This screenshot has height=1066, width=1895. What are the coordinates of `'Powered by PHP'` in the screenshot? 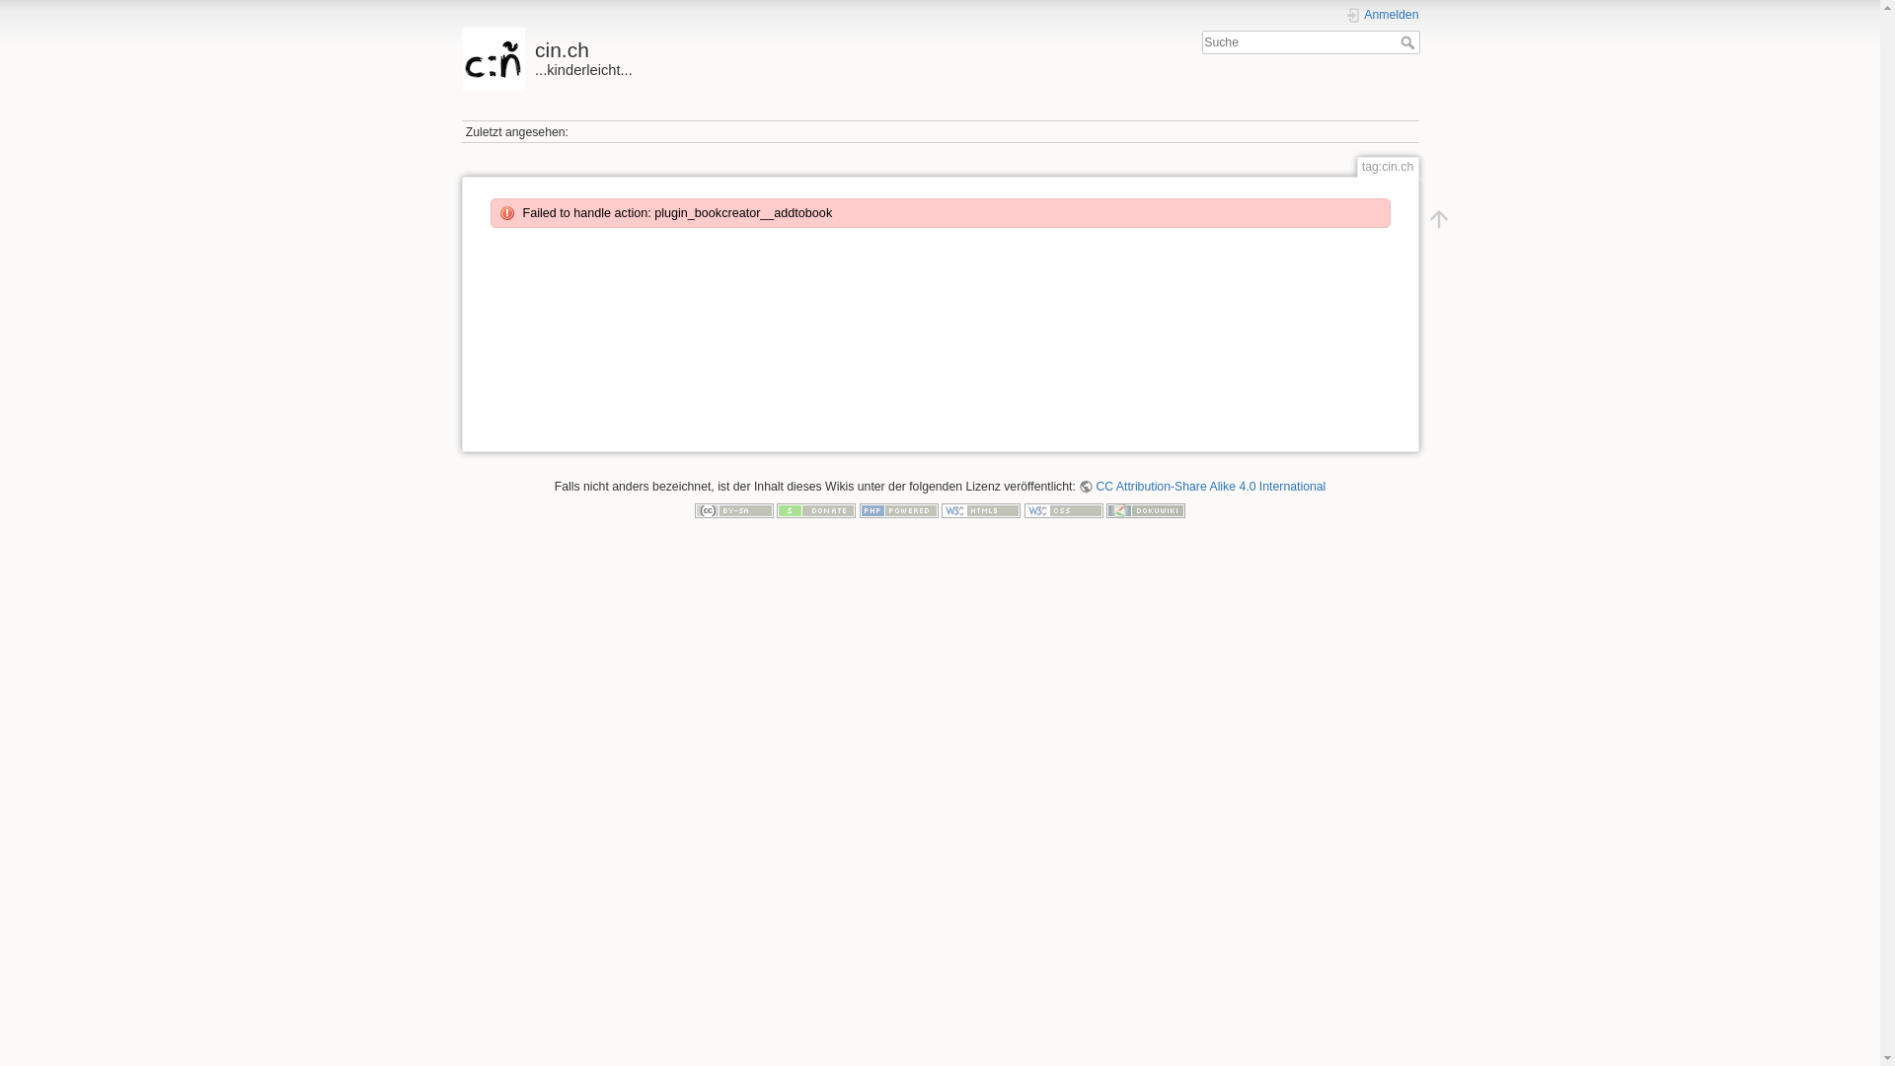 It's located at (898, 508).